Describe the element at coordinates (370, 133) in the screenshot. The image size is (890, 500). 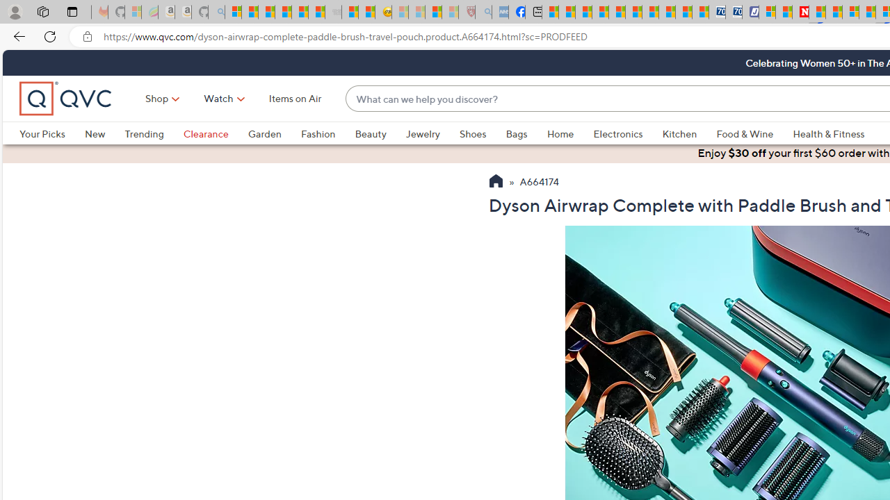
I see `'Beauty'` at that location.